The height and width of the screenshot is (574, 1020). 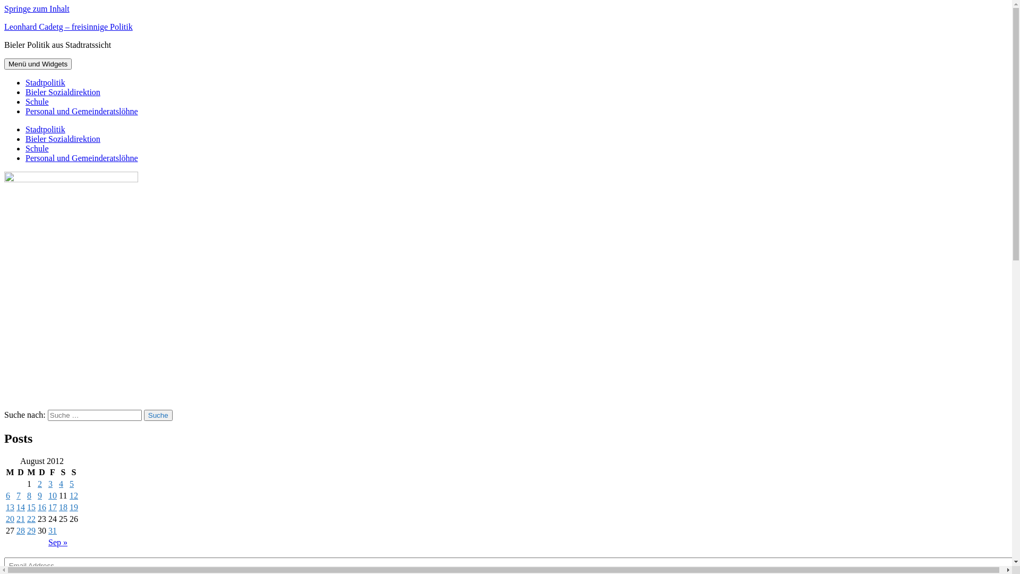 What do you see at coordinates (5, 507) in the screenshot?
I see `'13'` at bounding box center [5, 507].